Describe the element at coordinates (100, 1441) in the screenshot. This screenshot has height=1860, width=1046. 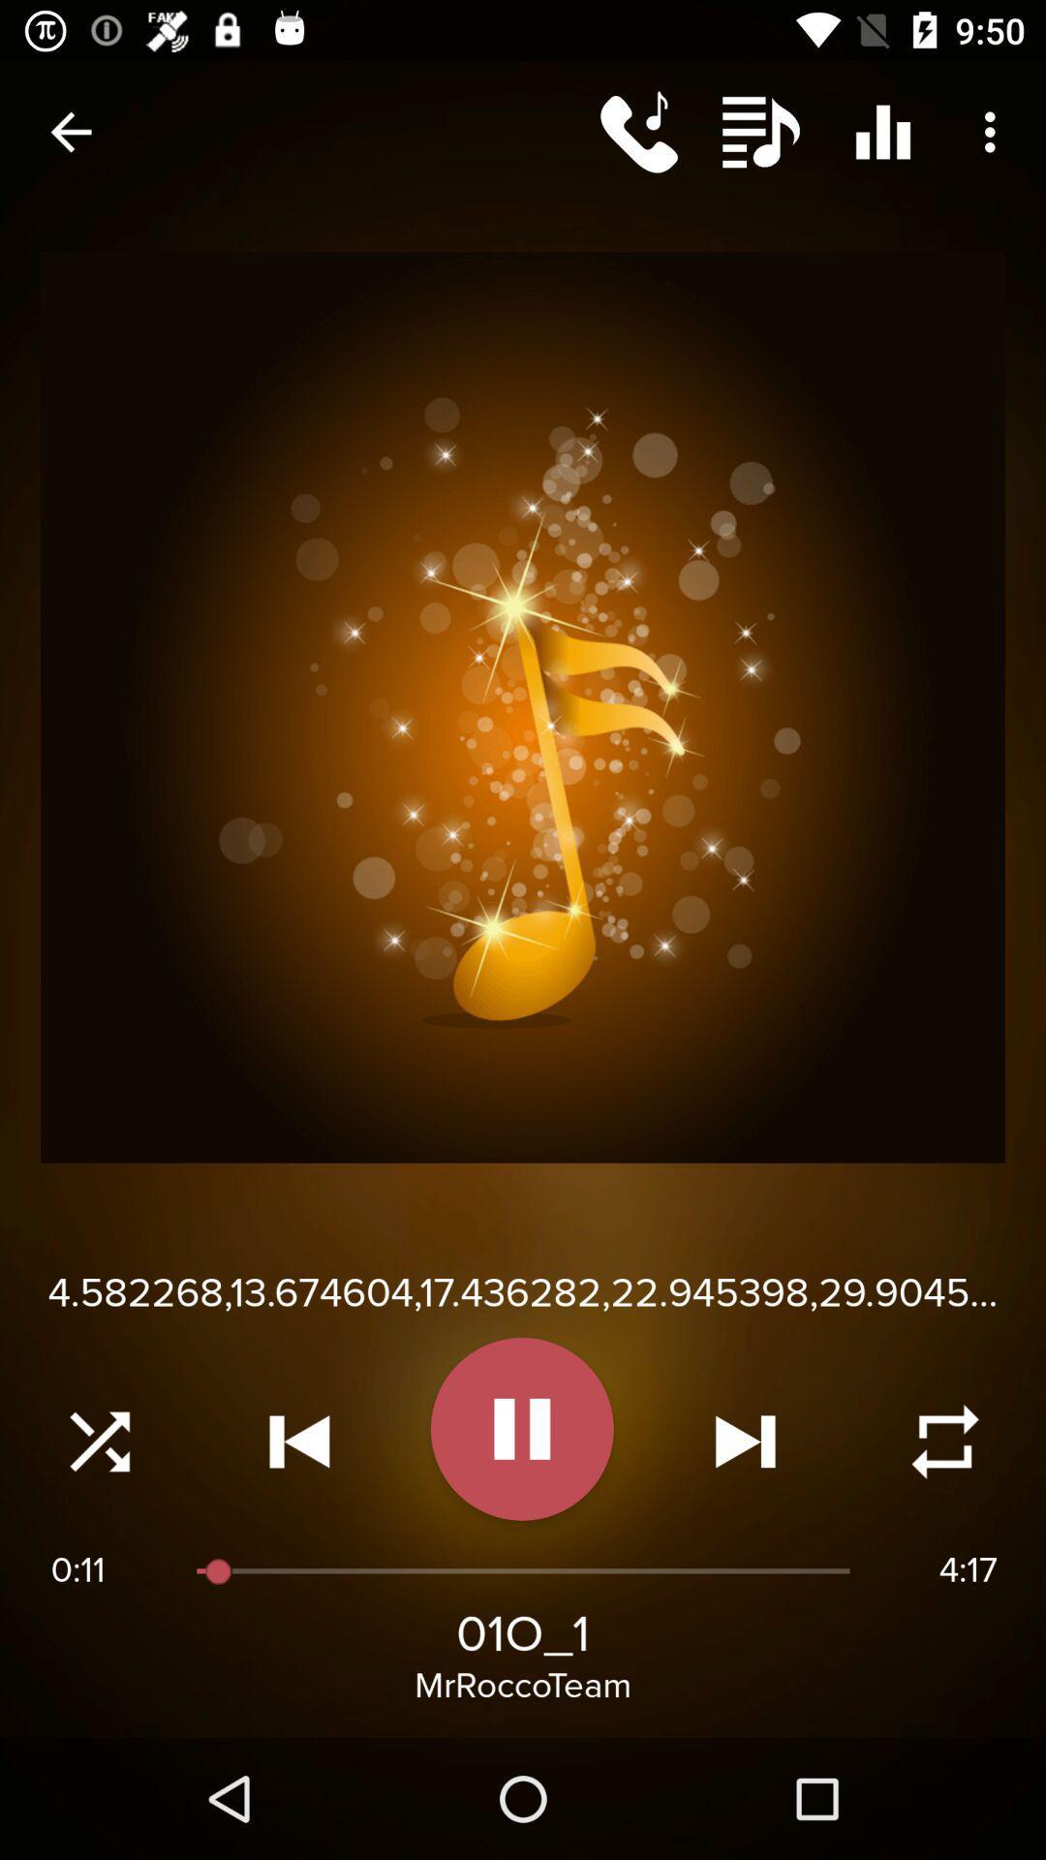
I see `random songs` at that location.